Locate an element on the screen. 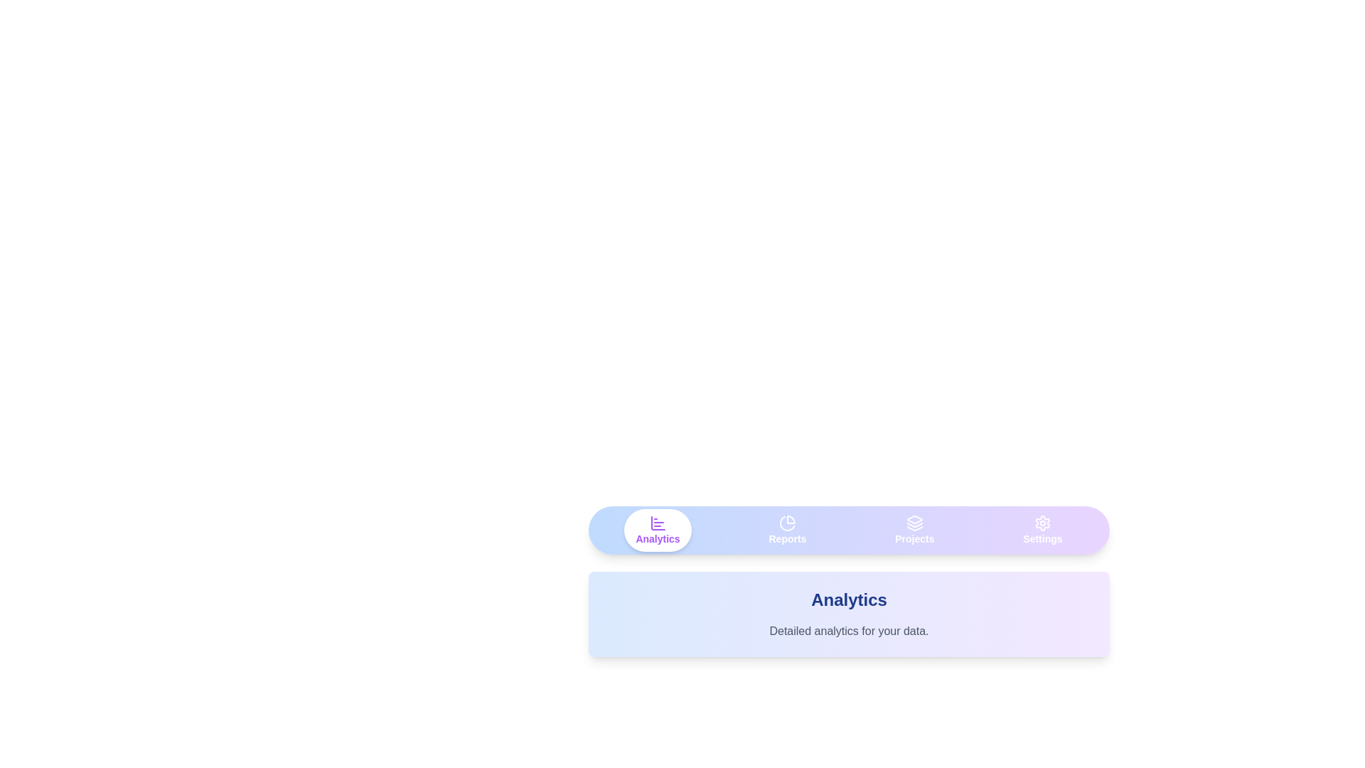 The image size is (1365, 768). the tab button labeled 'Reports' to observe the hover effect is located at coordinates (787, 530).